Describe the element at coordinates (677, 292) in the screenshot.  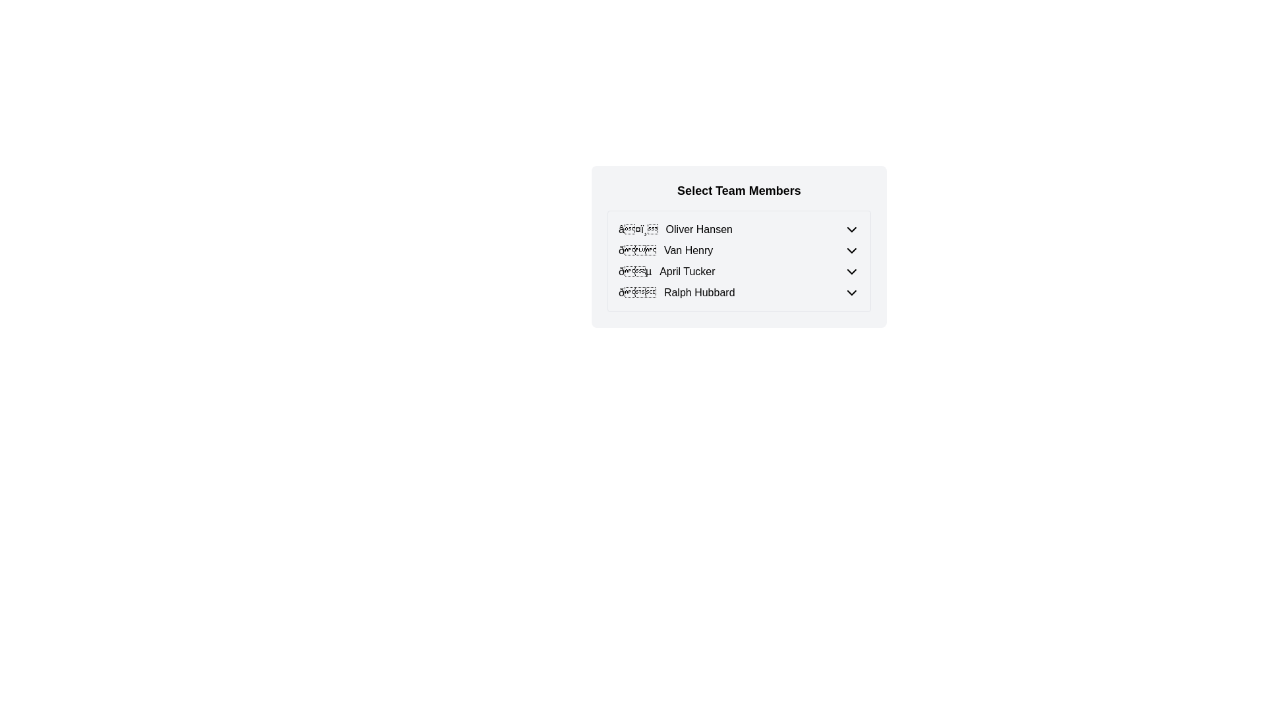
I see `the fourth list item` at that location.